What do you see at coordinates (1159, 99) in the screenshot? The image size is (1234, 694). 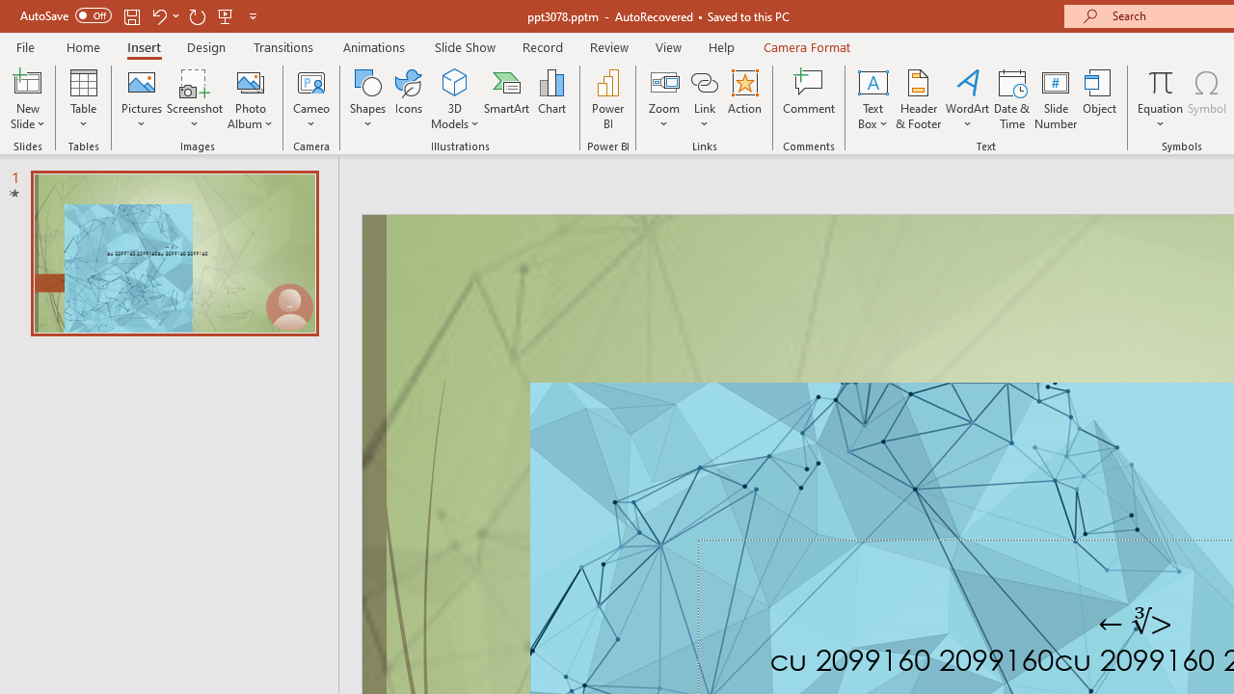 I see `'Equation'` at bounding box center [1159, 99].